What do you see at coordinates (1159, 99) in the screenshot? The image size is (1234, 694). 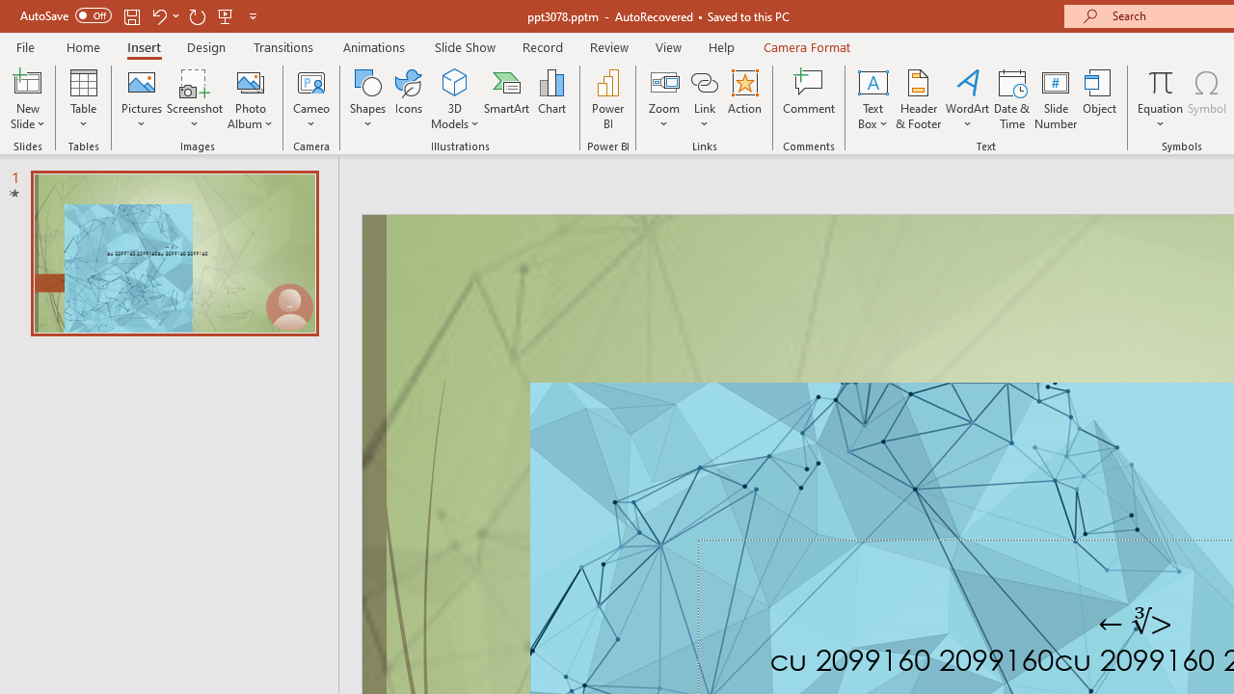 I see `'Equation'` at bounding box center [1159, 99].